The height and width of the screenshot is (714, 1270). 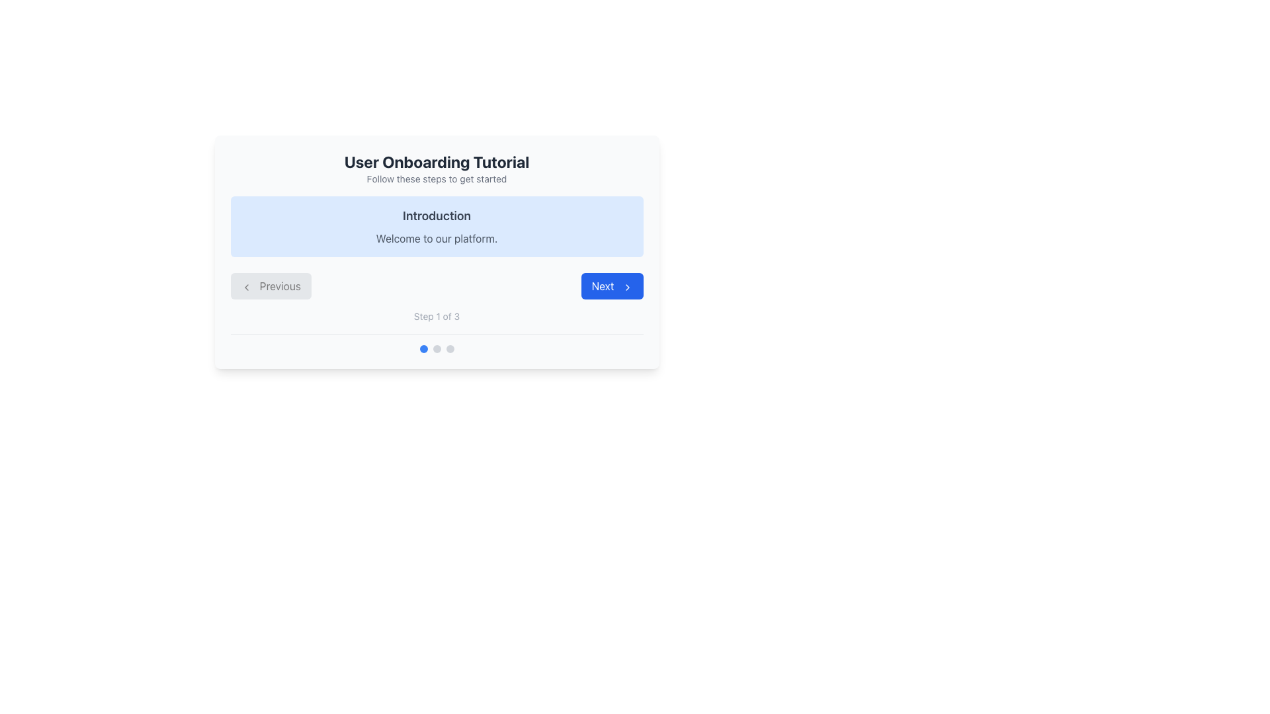 I want to click on the Informational section of the User Onboarding Tutorial, which provides an introduction message for the onboarding tutorial, so click(x=437, y=226).